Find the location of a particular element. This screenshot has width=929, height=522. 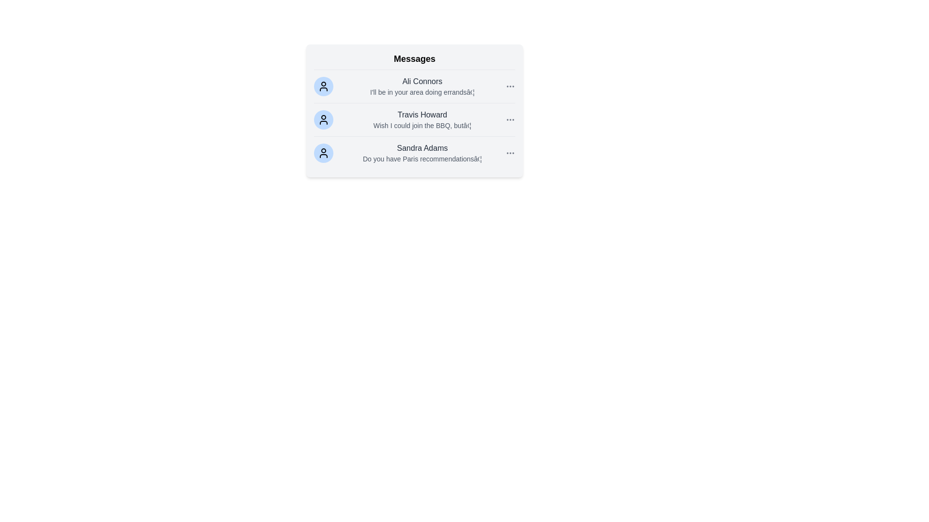

the 'Messages' text label, which is styled with a bold font and larger size, serving as a section title above the user messages list is located at coordinates (415, 61).